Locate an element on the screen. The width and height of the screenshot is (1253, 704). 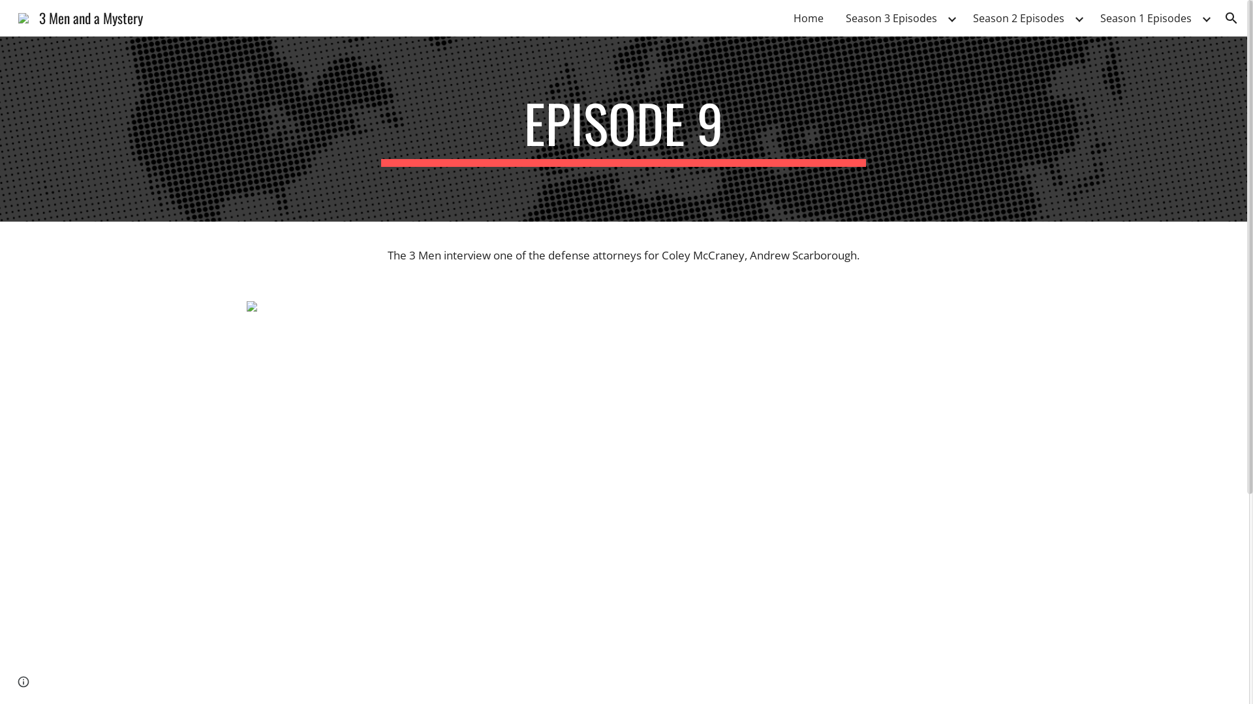
'Home' is located at coordinates (807, 18).